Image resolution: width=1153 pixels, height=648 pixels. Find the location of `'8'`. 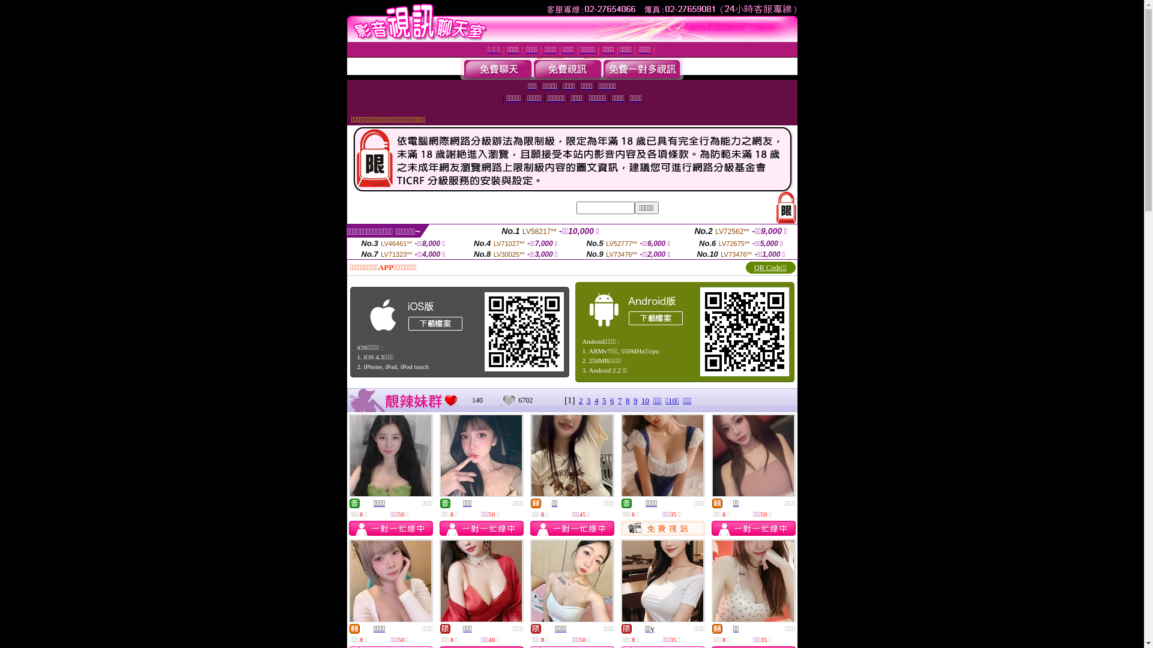

'8' is located at coordinates (627, 400).